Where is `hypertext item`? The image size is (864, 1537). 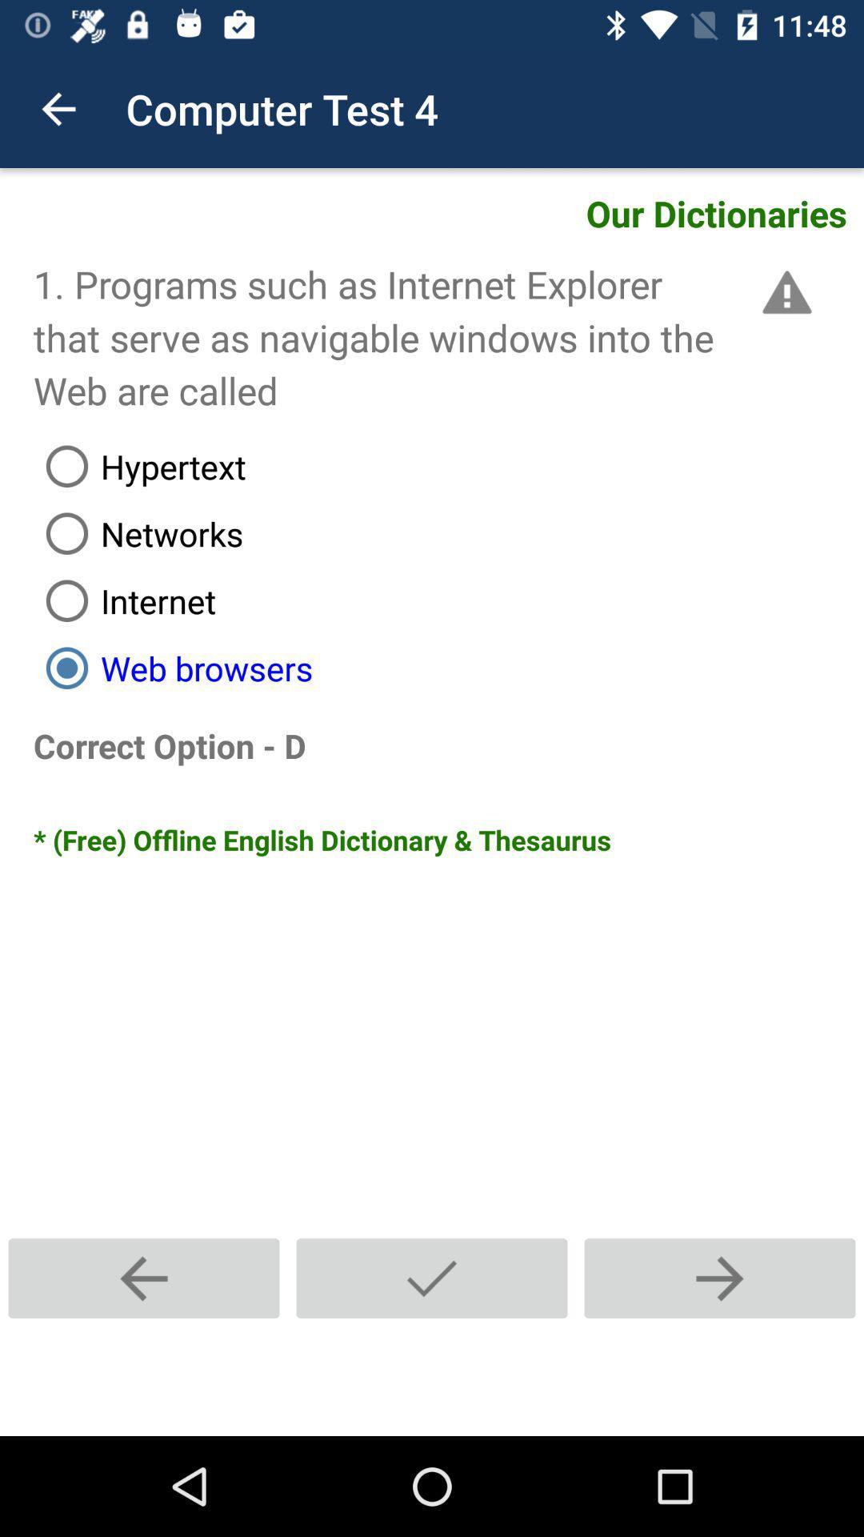 hypertext item is located at coordinates (448, 465).